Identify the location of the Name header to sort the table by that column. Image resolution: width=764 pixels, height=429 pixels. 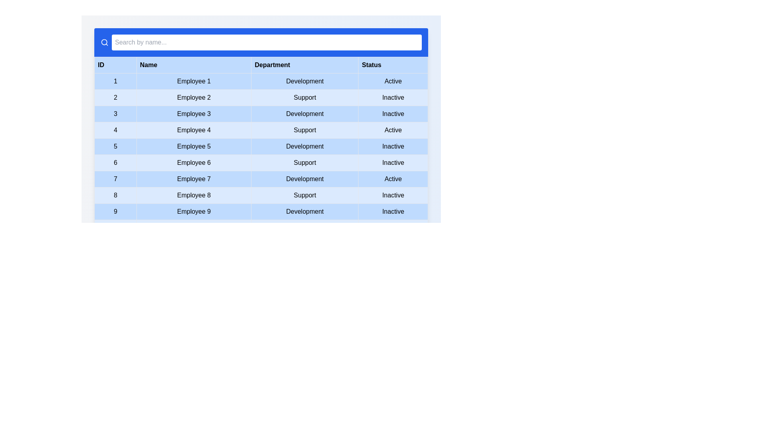
(193, 65).